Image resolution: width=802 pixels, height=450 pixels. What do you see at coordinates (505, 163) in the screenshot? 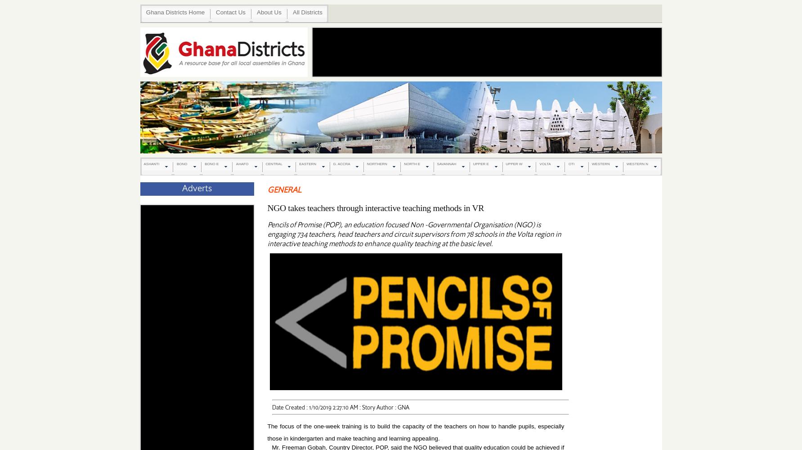
I see `'UPPER W'` at bounding box center [505, 163].